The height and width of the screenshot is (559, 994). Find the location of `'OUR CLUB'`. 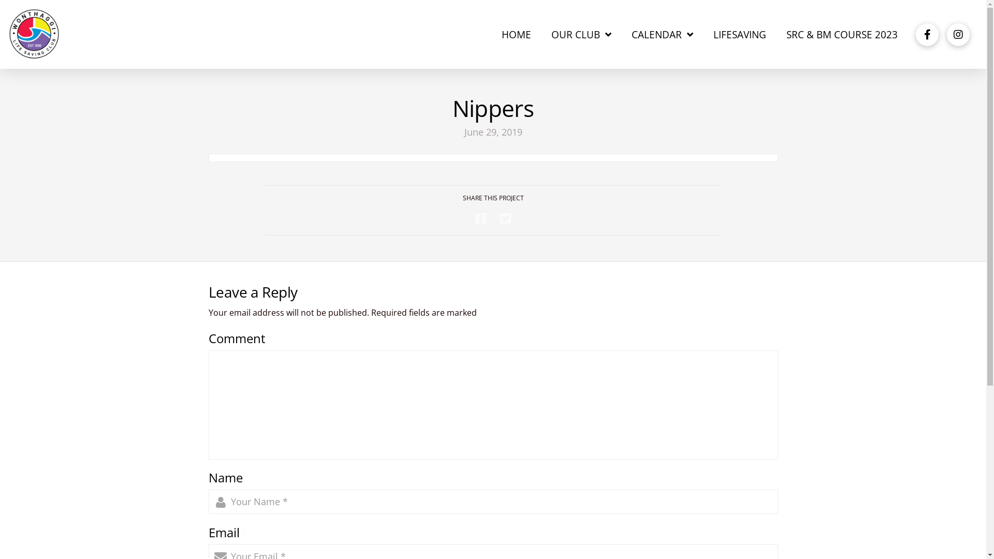

'OUR CLUB' is located at coordinates (581, 34).